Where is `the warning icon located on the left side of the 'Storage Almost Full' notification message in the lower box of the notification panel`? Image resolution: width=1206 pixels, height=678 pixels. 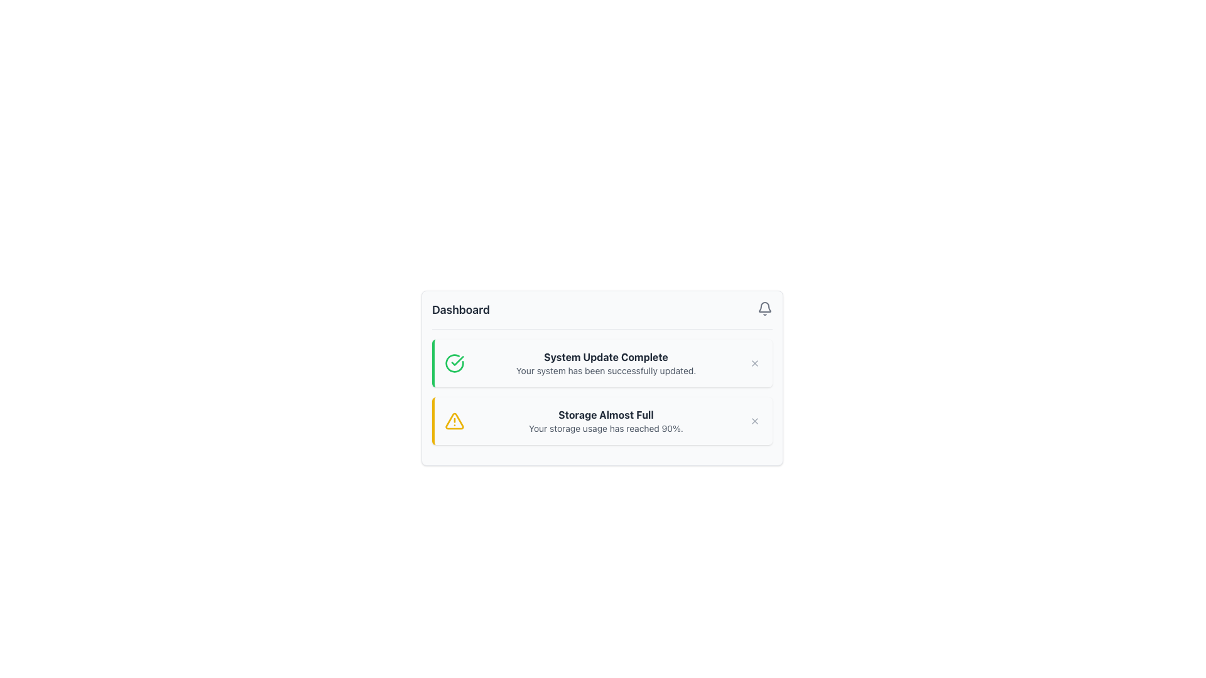 the warning icon located on the left side of the 'Storage Almost Full' notification message in the lower box of the notification panel is located at coordinates (454, 421).